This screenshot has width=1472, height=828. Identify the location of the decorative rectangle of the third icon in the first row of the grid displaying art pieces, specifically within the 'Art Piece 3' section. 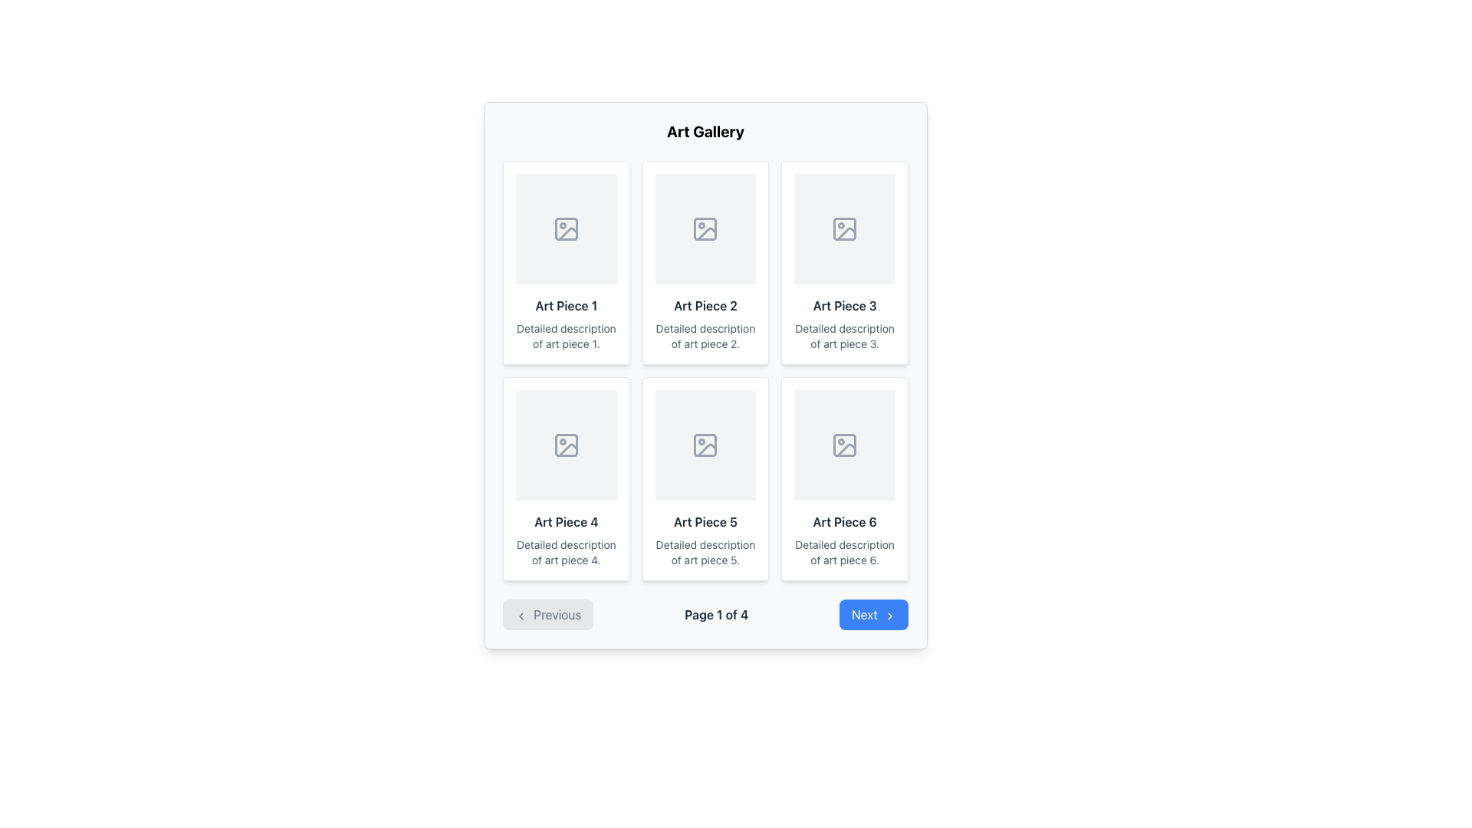
(844, 229).